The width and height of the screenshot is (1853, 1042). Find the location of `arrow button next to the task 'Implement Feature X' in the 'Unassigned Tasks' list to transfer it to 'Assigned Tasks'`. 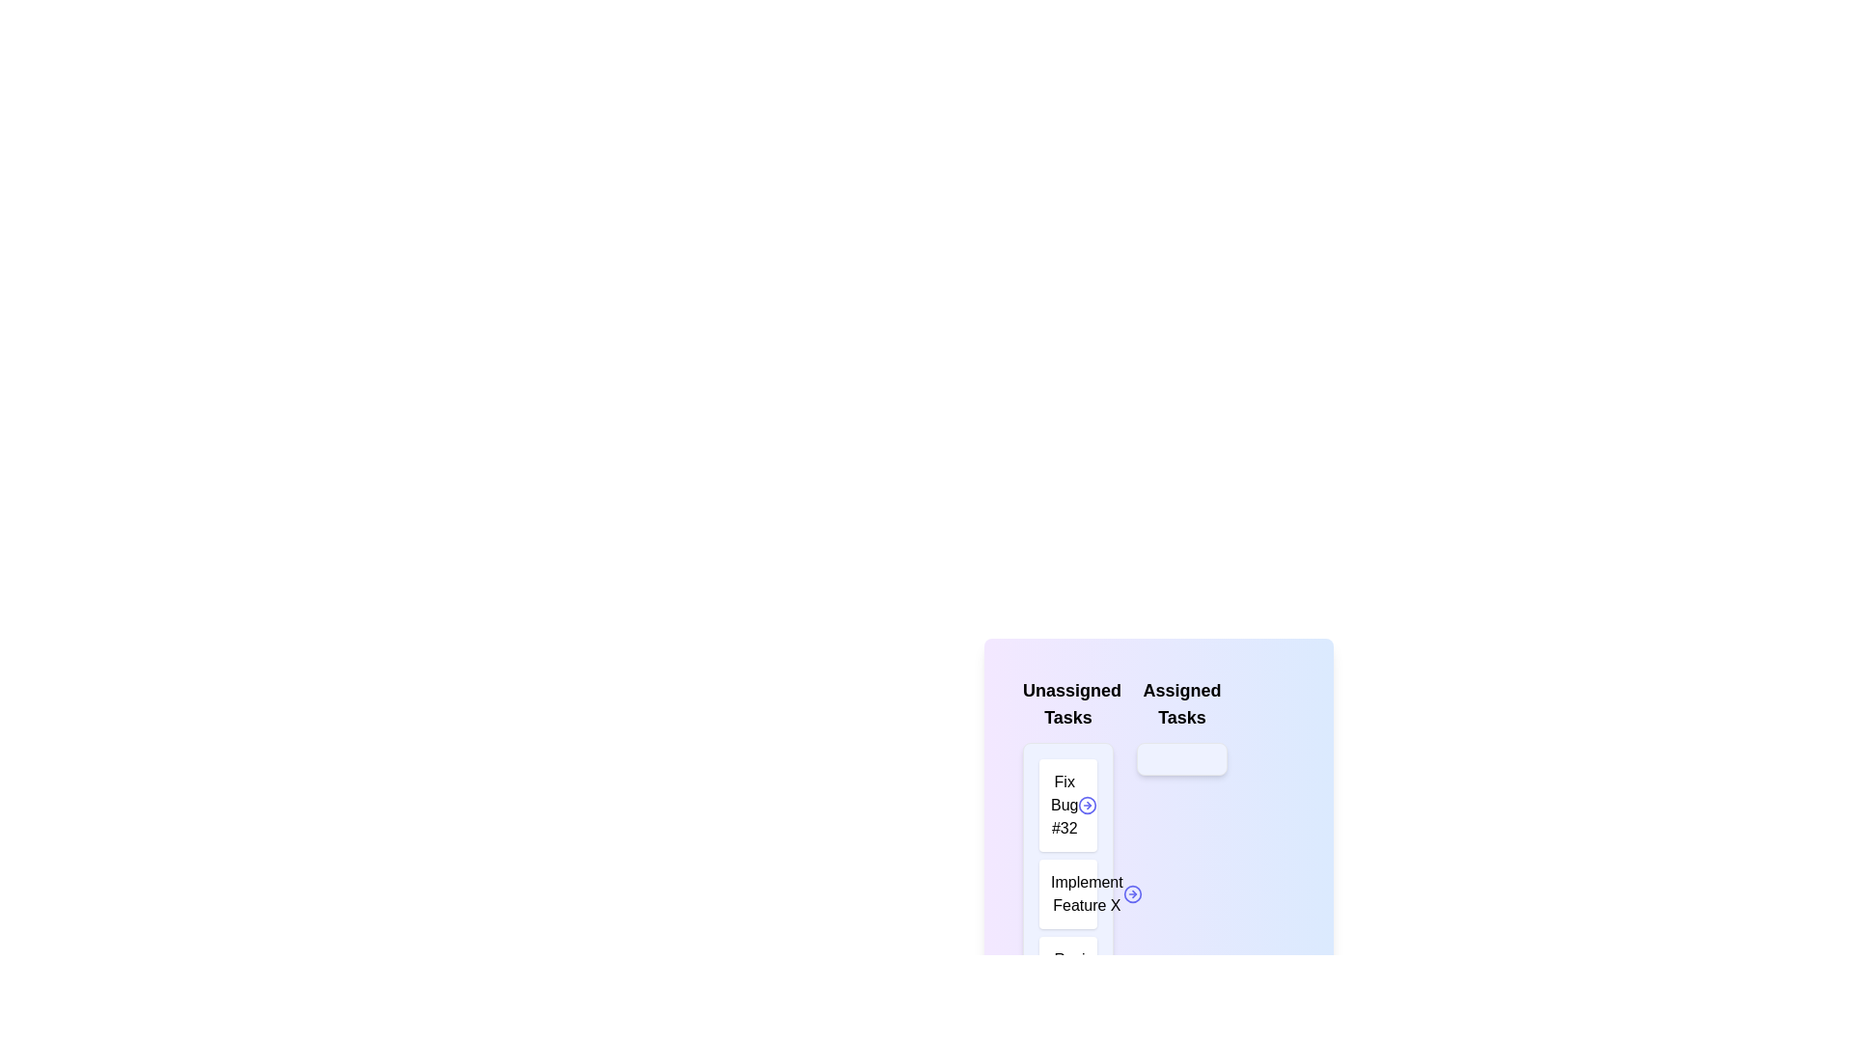

arrow button next to the task 'Implement Feature X' in the 'Unassigned Tasks' list to transfer it to 'Assigned Tasks' is located at coordinates (1132, 893).